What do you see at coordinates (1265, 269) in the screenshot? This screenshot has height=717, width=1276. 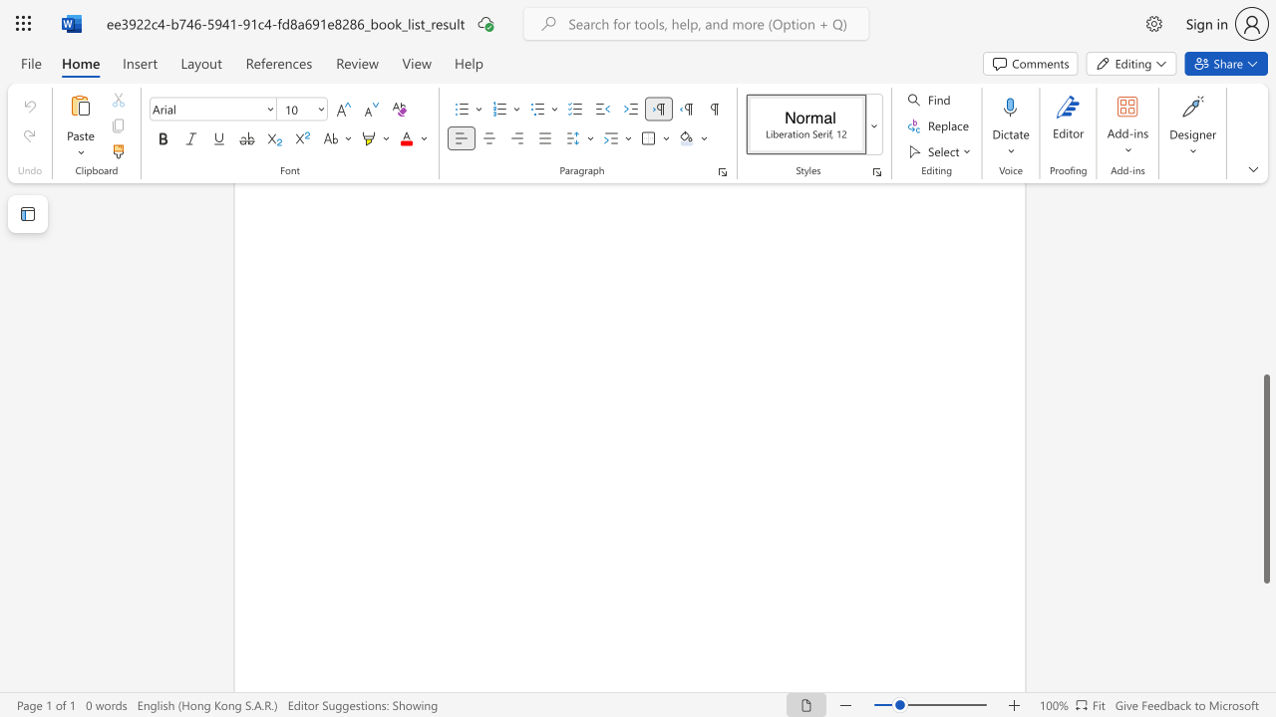 I see `the scrollbar to move the page up` at bounding box center [1265, 269].